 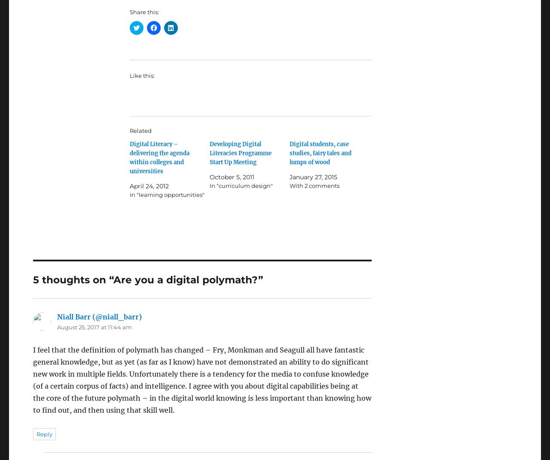 What do you see at coordinates (148, 279) in the screenshot?
I see `'5 thoughts on “Are you a digital polymath?”'` at bounding box center [148, 279].